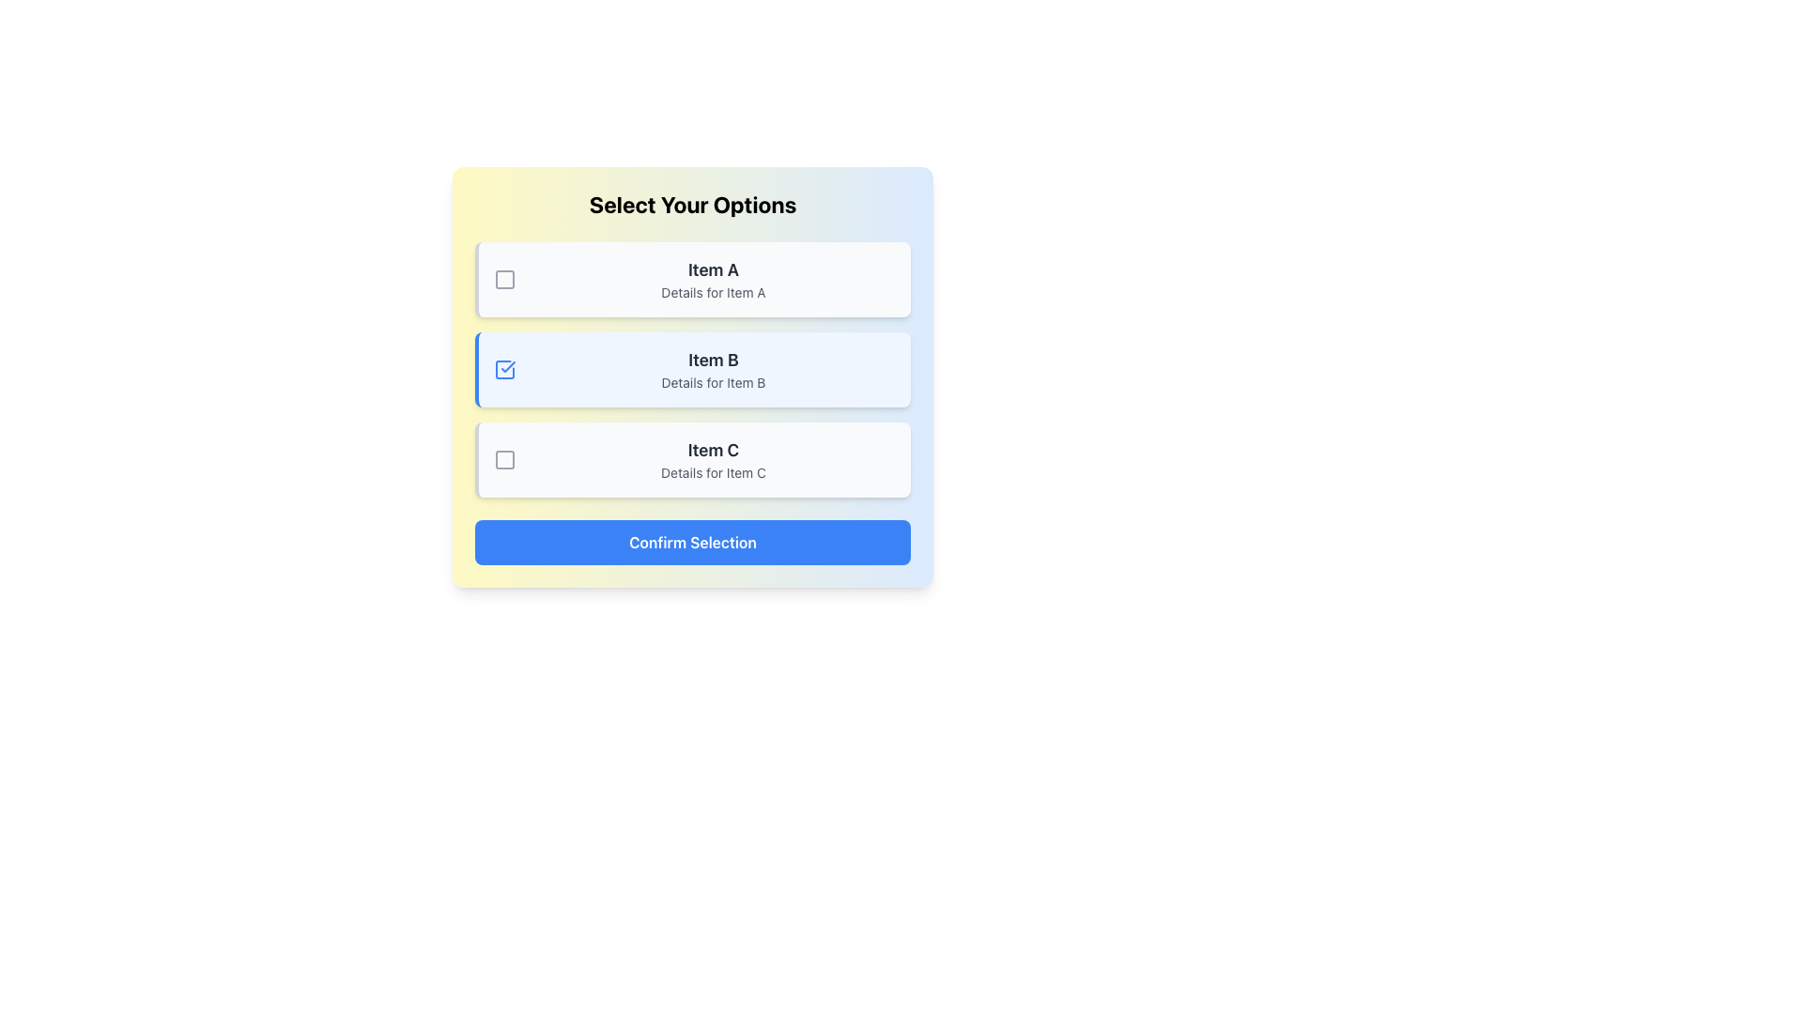 This screenshot has width=1803, height=1014. Describe the element at coordinates (692, 369) in the screenshot. I see `the selectable item with a checkbox labeled 'Item B'` at that location.